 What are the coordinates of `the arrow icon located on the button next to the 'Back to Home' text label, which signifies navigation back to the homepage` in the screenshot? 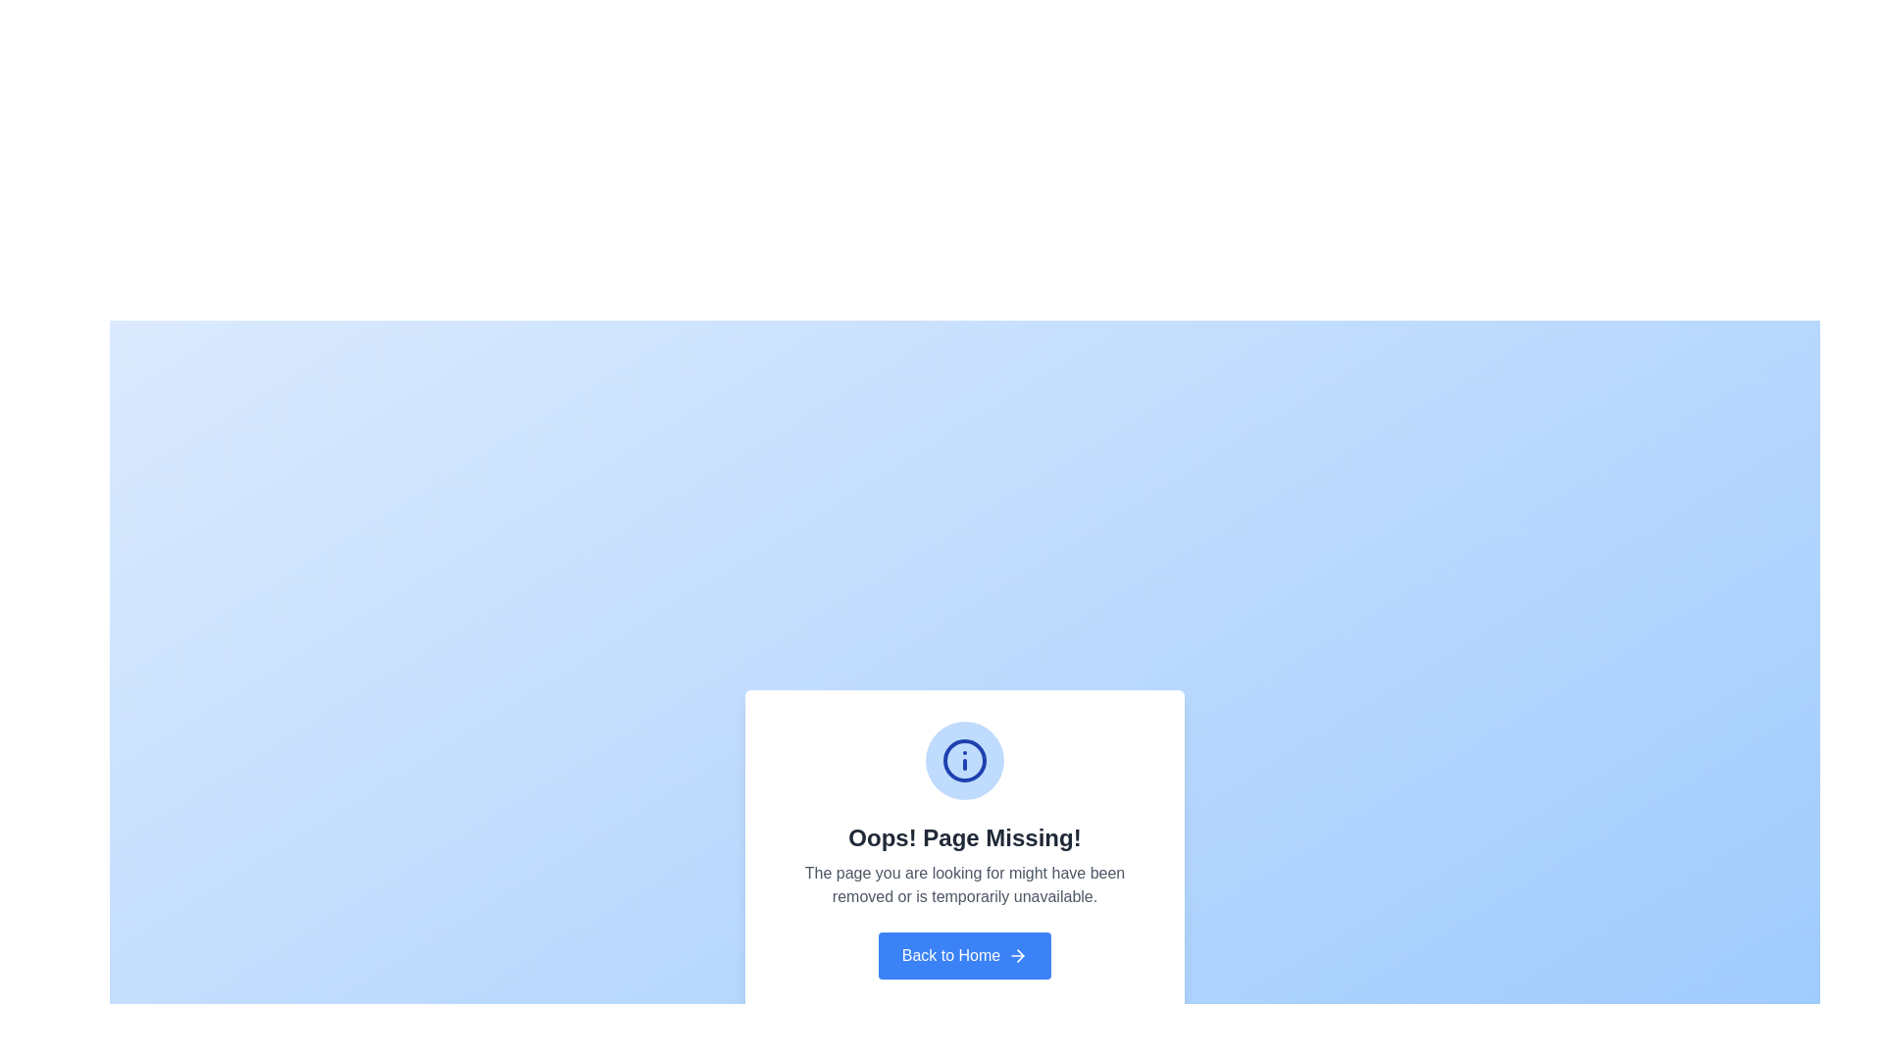 It's located at (1018, 954).